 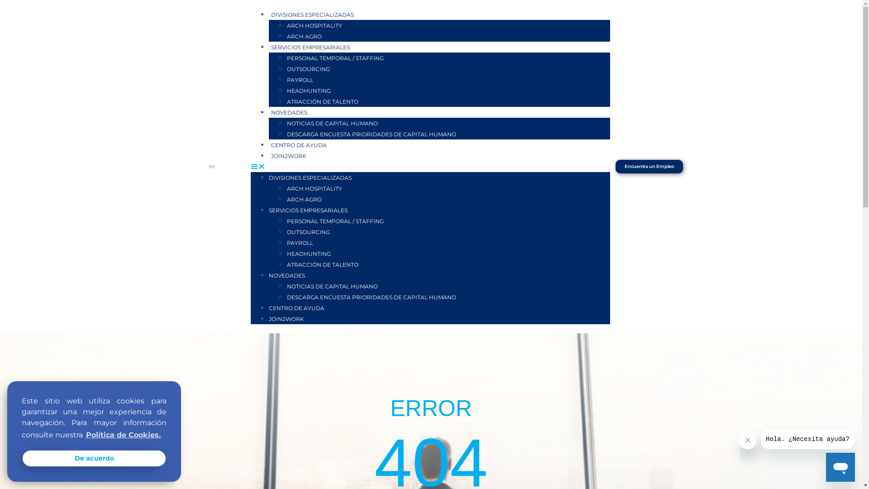 What do you see at coordinates (649, 166) in the screenshot?
I see `'Encuentra un Empleo'` at bounding box center [649, 166].